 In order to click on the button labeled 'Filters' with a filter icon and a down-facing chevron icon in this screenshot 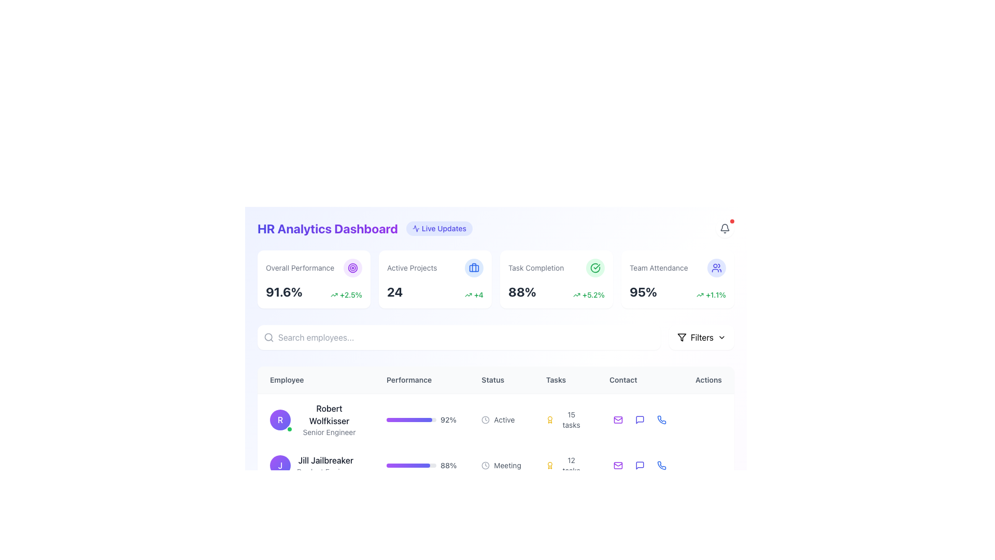, I will do `click(701, 338)`.